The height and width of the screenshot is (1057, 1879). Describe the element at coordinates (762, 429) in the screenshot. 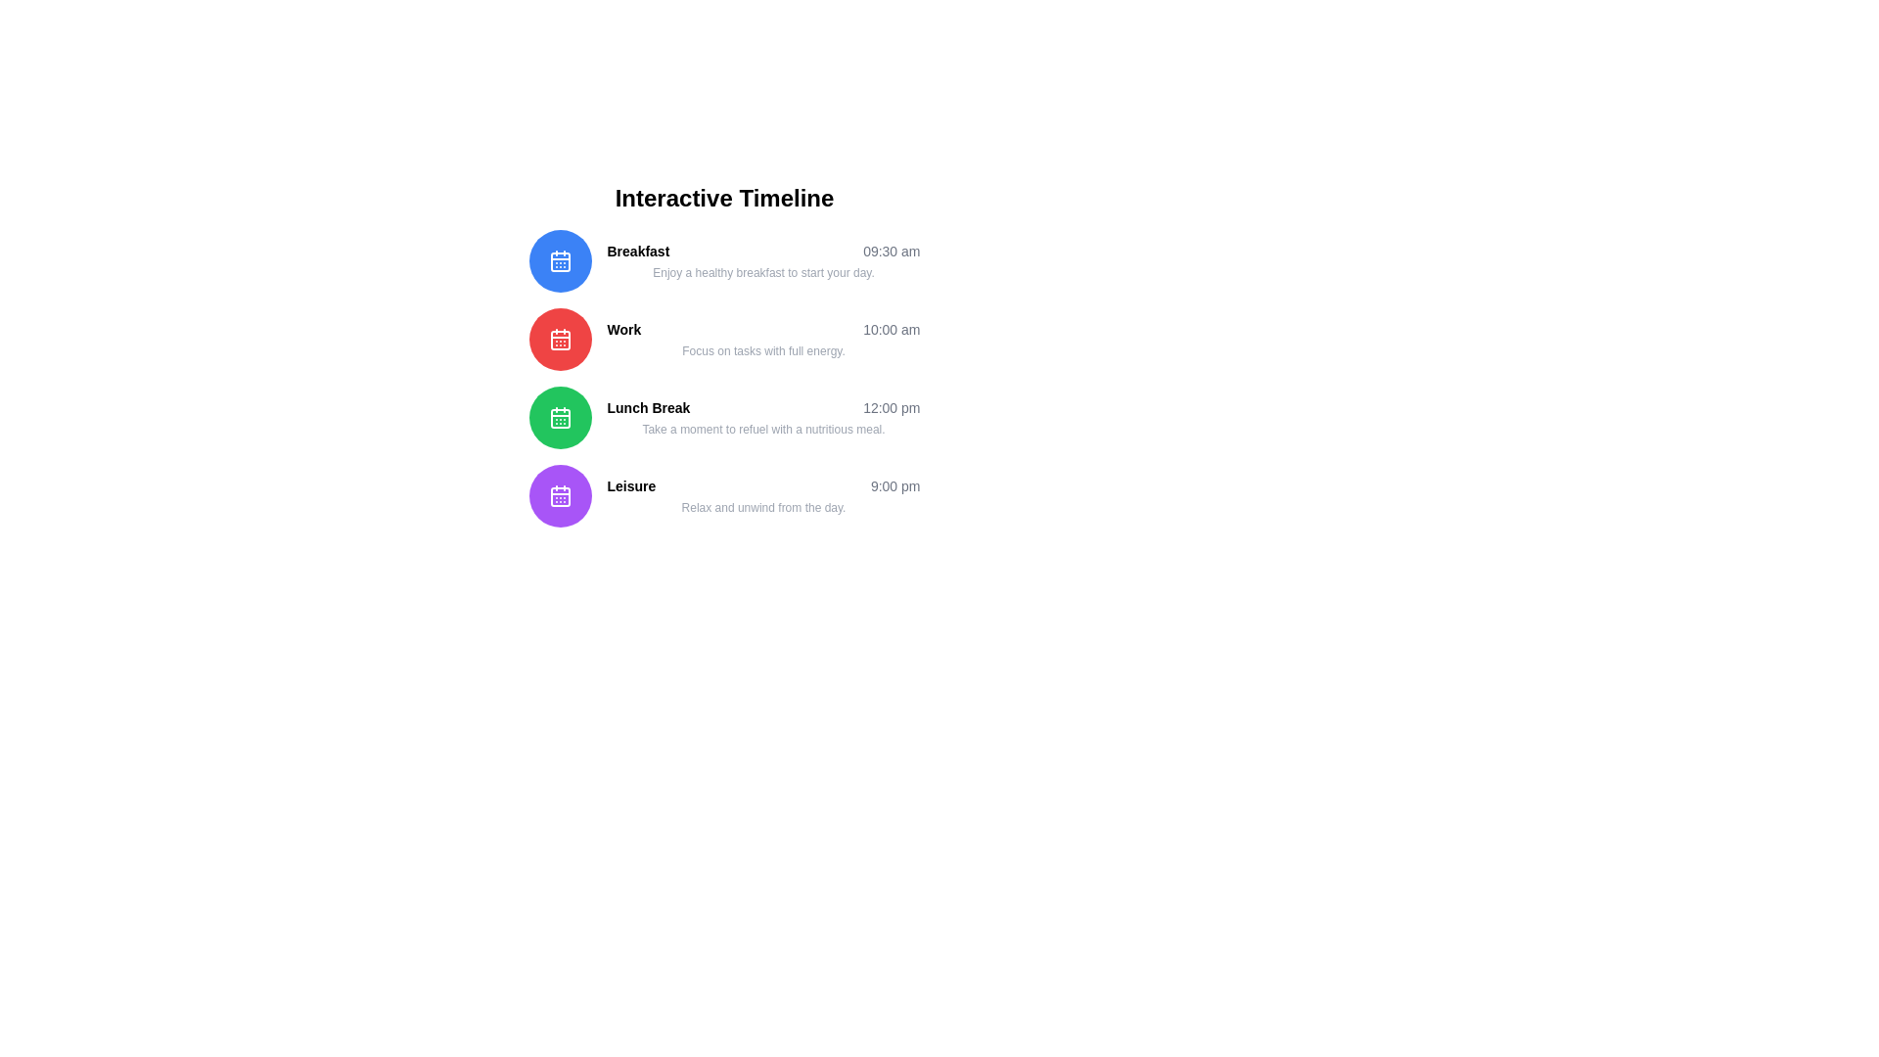

I see `text element displaying 'Take a moment to refuel with a nutritious meal.' located under the heading 'Lunch Break' and the time '12:00 pm'` at that location.